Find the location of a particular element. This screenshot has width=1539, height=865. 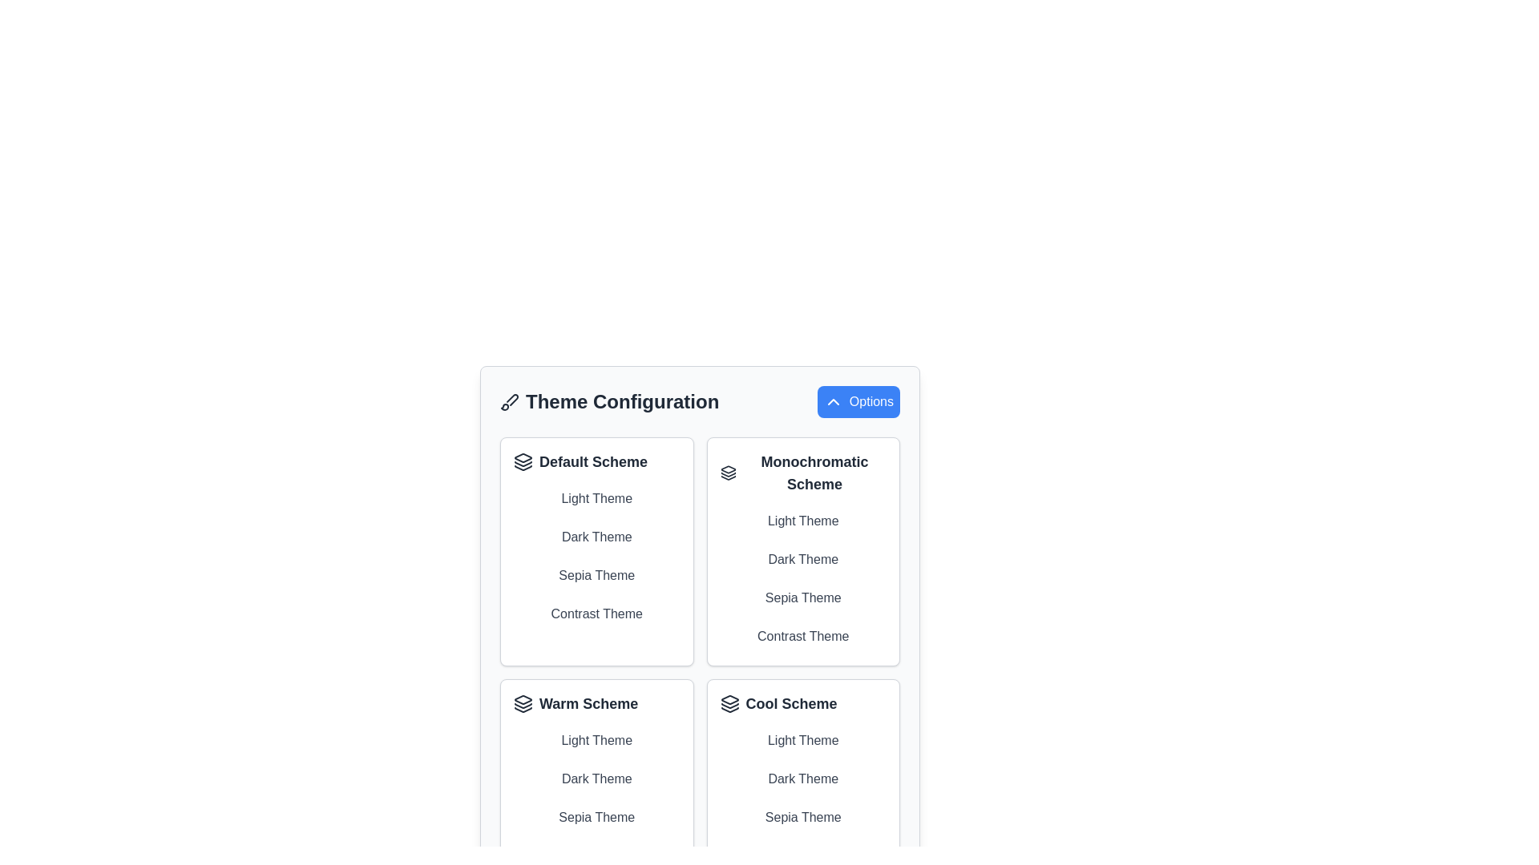

header text 'Theme Configuration' from the top header section, which contains a left side with bold text and a right side with a blue button labeled 'Options' is located at coordinates (700, 400).